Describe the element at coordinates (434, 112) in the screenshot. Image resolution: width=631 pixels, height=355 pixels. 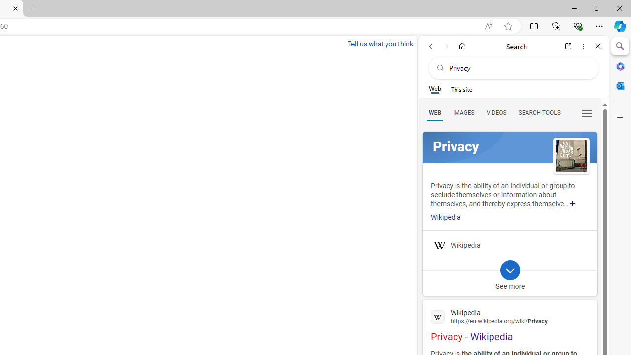
I see `'Search Filter, WEB'` at that location.